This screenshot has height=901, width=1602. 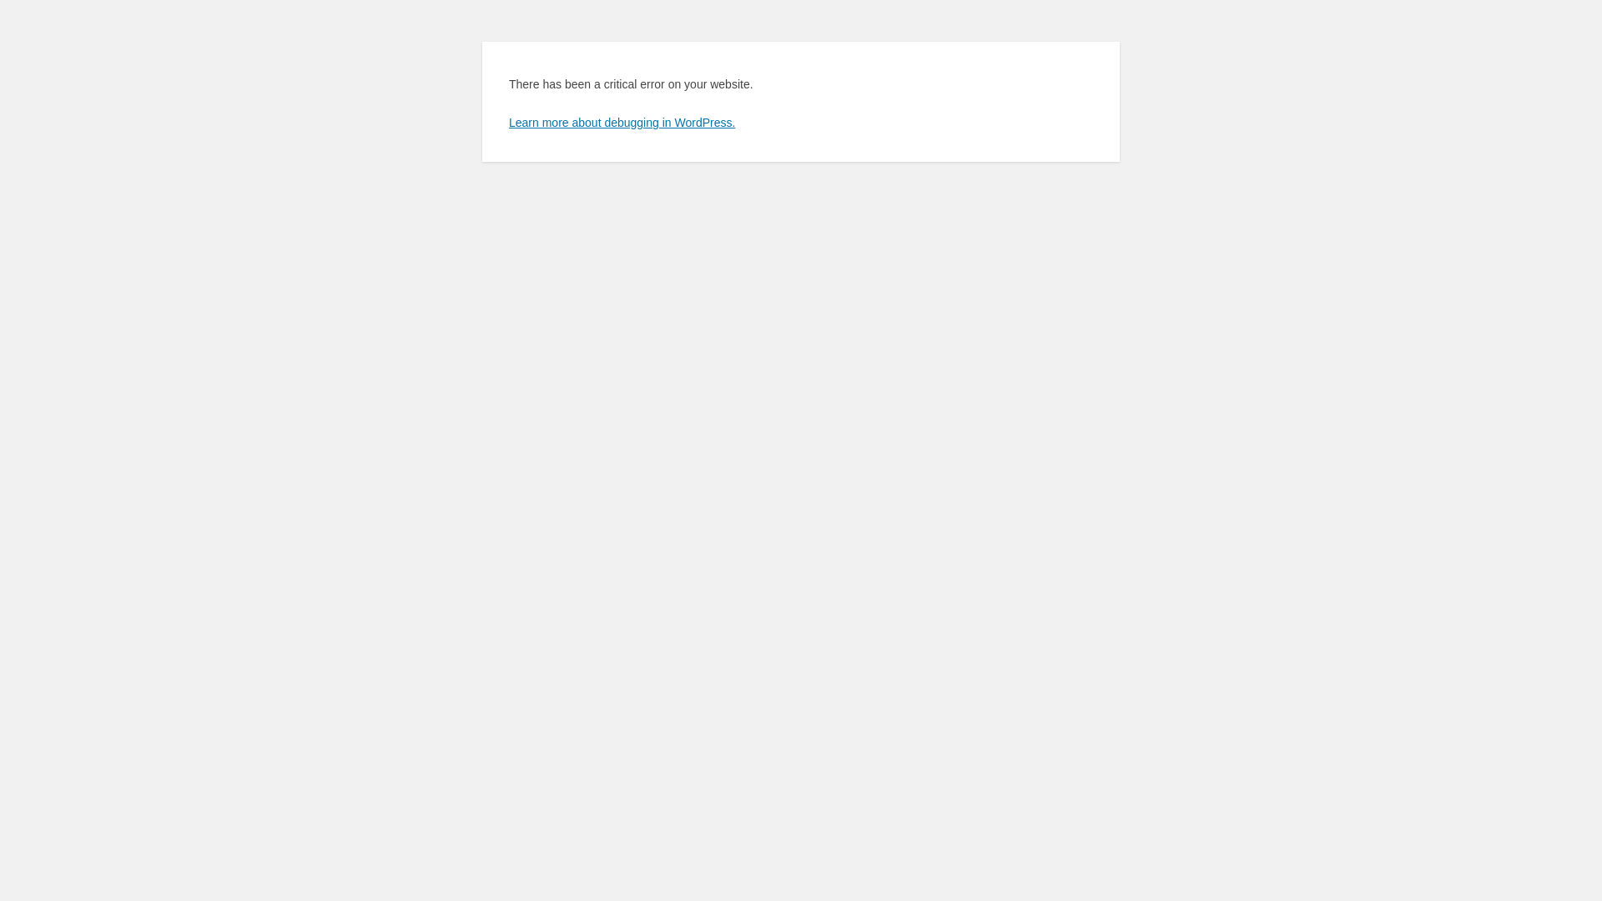 What do you see at coordinates (621, 121) in the screenshot?
I see `'Learn more about debugging in WordPress.'` at bounding box center [621, 121].